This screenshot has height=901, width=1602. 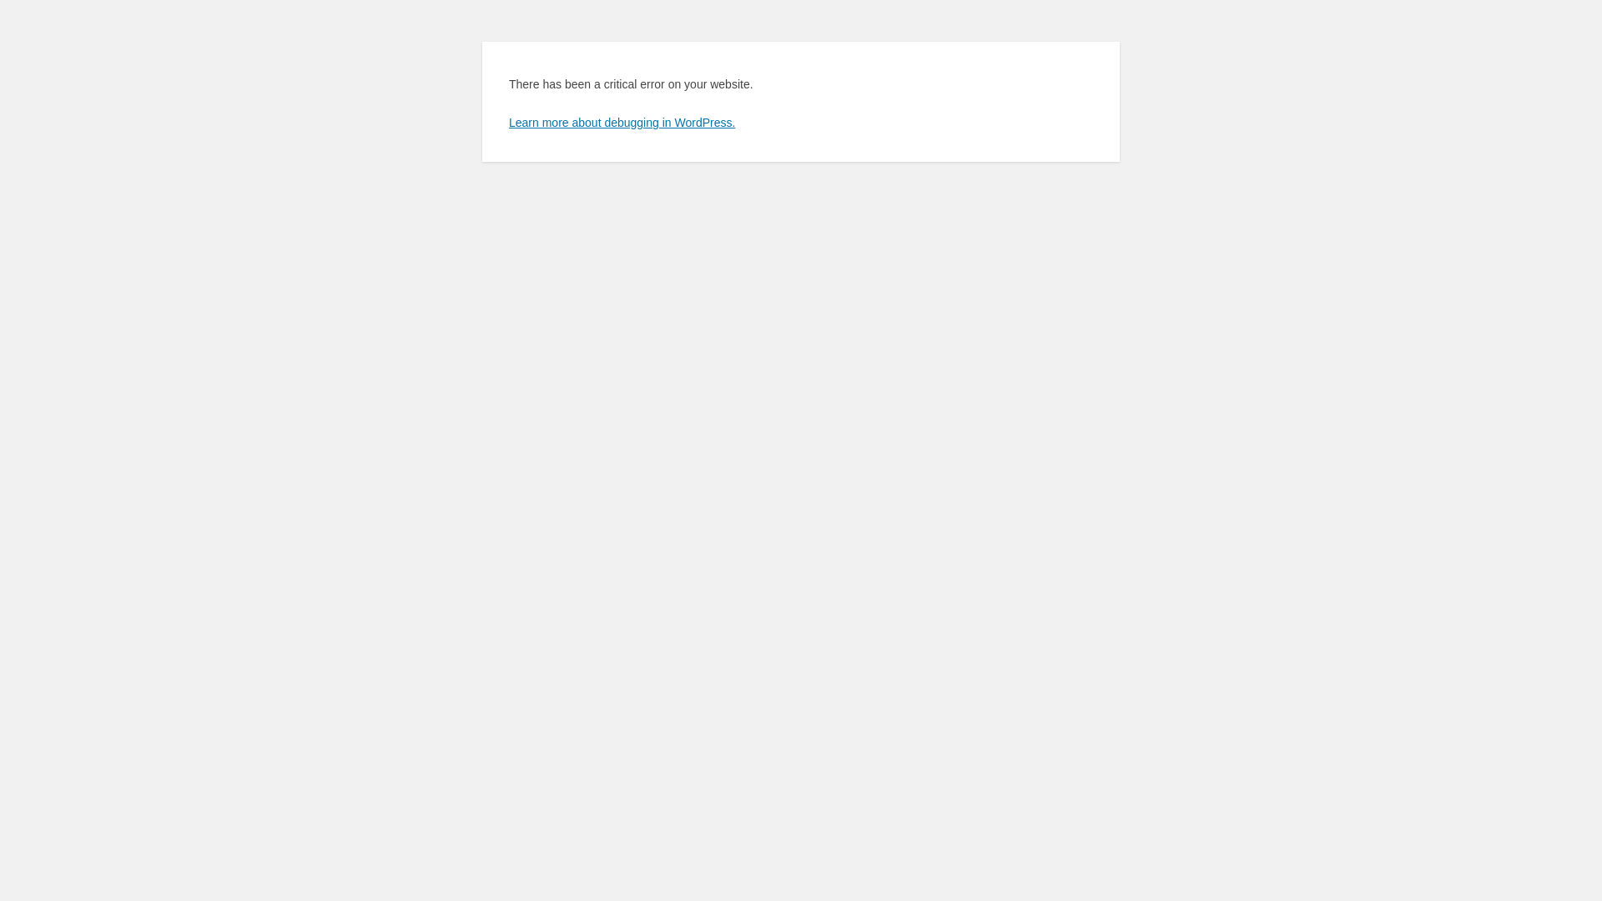 What do you see at coordinates (621, 121) in the screenshot?
I see `'Learn more about debugging in WordPress.'` at bounding box center [621, 121].